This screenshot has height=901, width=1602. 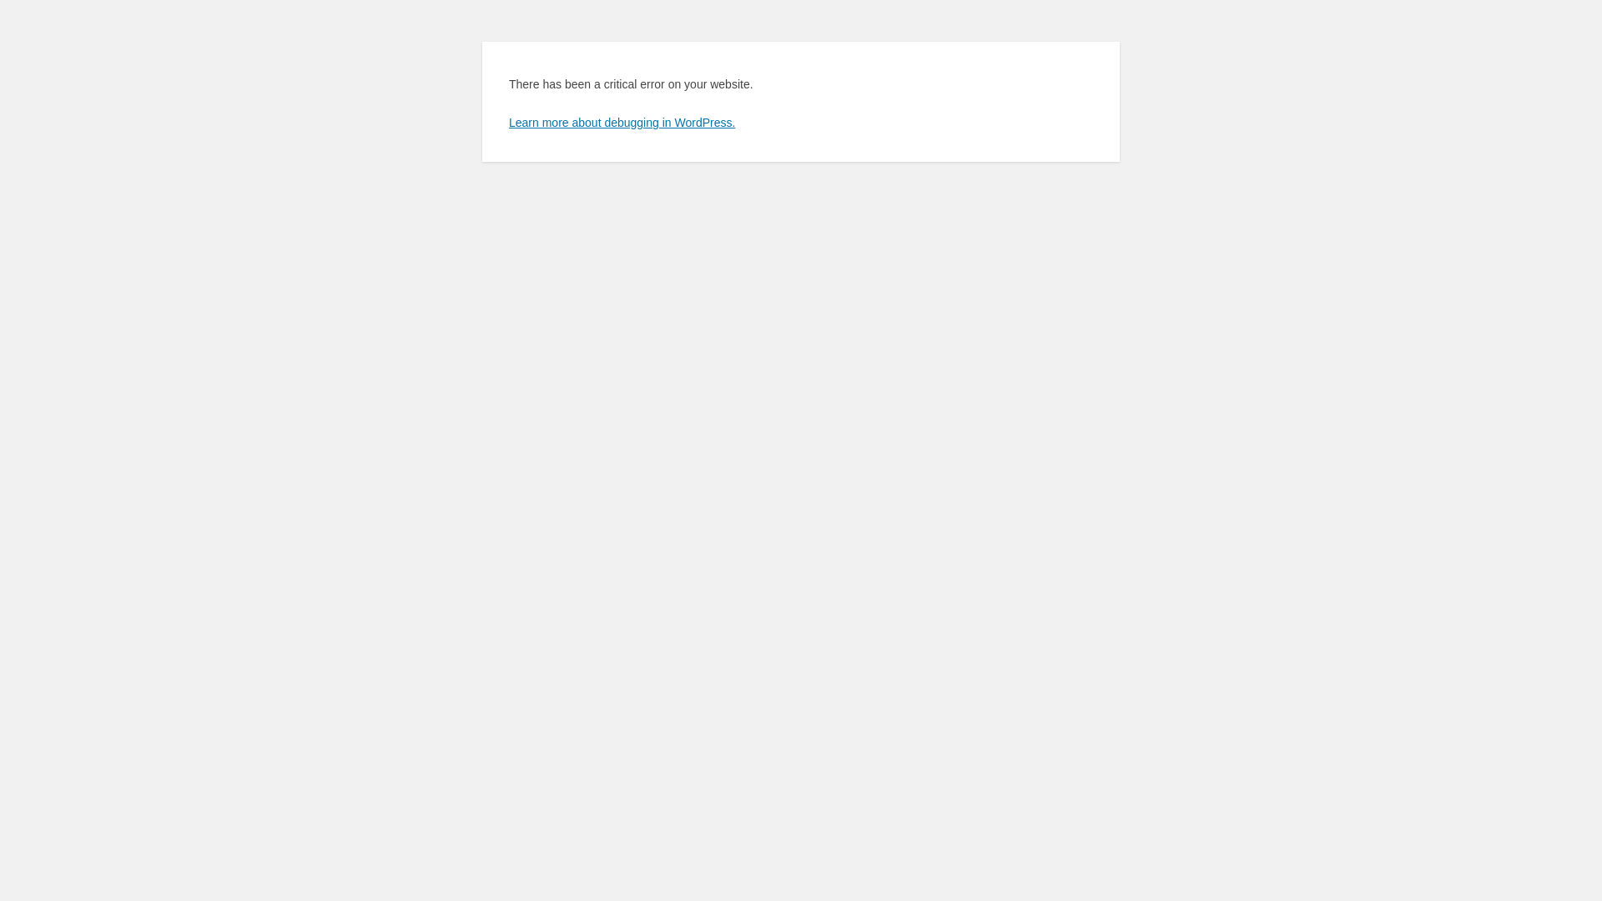 What do you see at coordinates (621, 121) in the screenshot?
I see `'Learn more about debugging in WordPress.'` at bounding box center [621, 121].